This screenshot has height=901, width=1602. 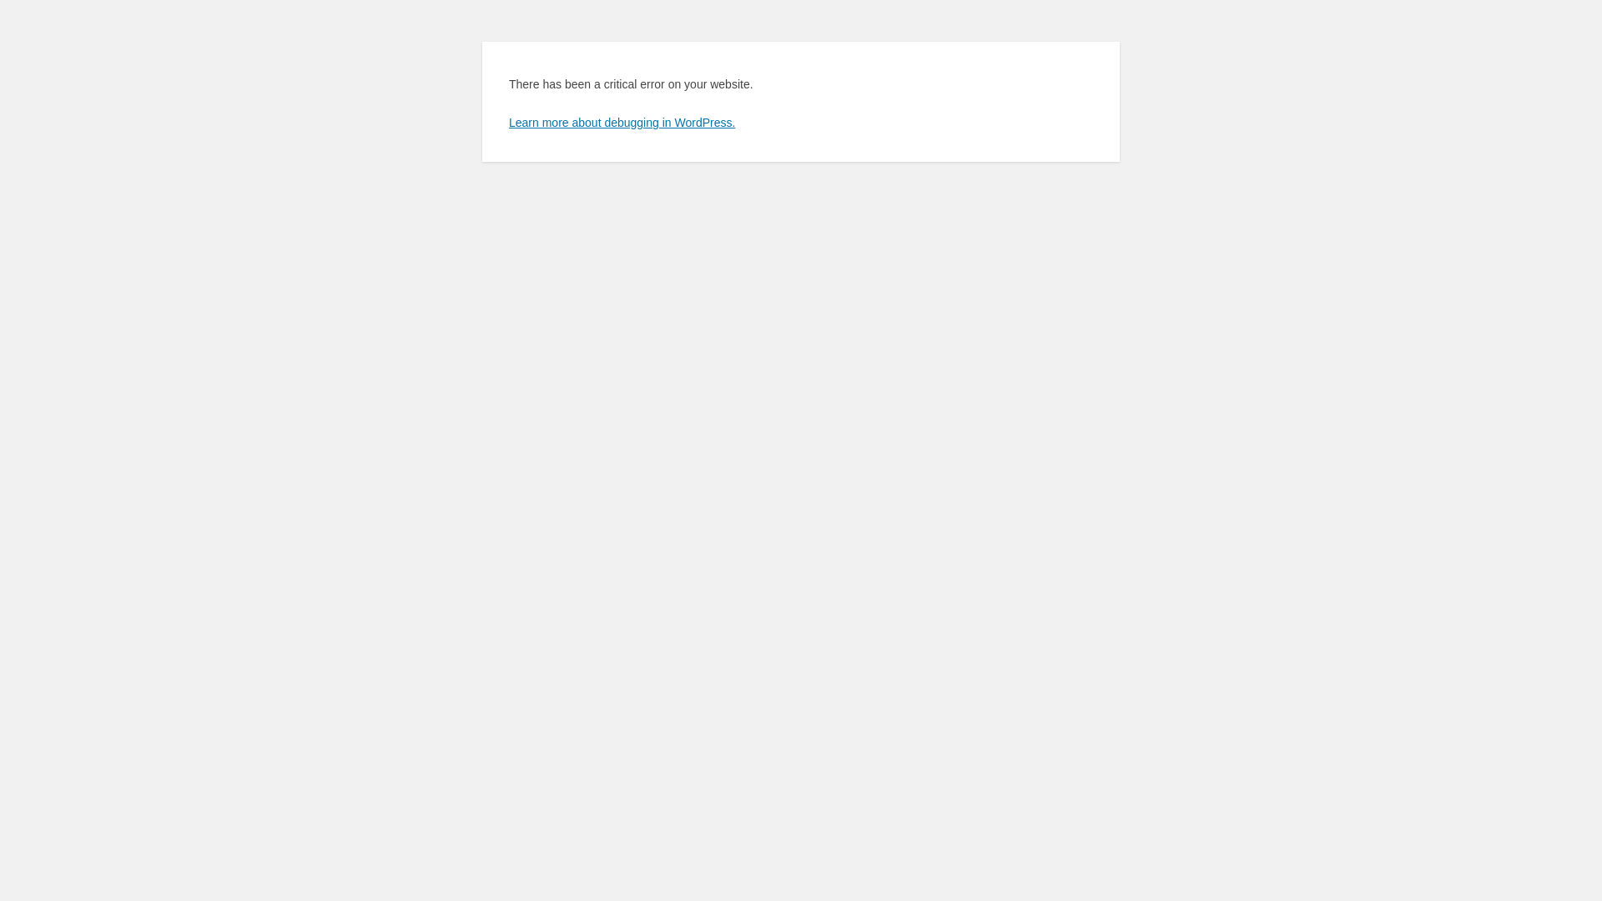 What do you see at coordinates (621, 121) in the screenshot?
I see `'Learn more about debugging in WordPress.'` at bounding box center [621, 121].